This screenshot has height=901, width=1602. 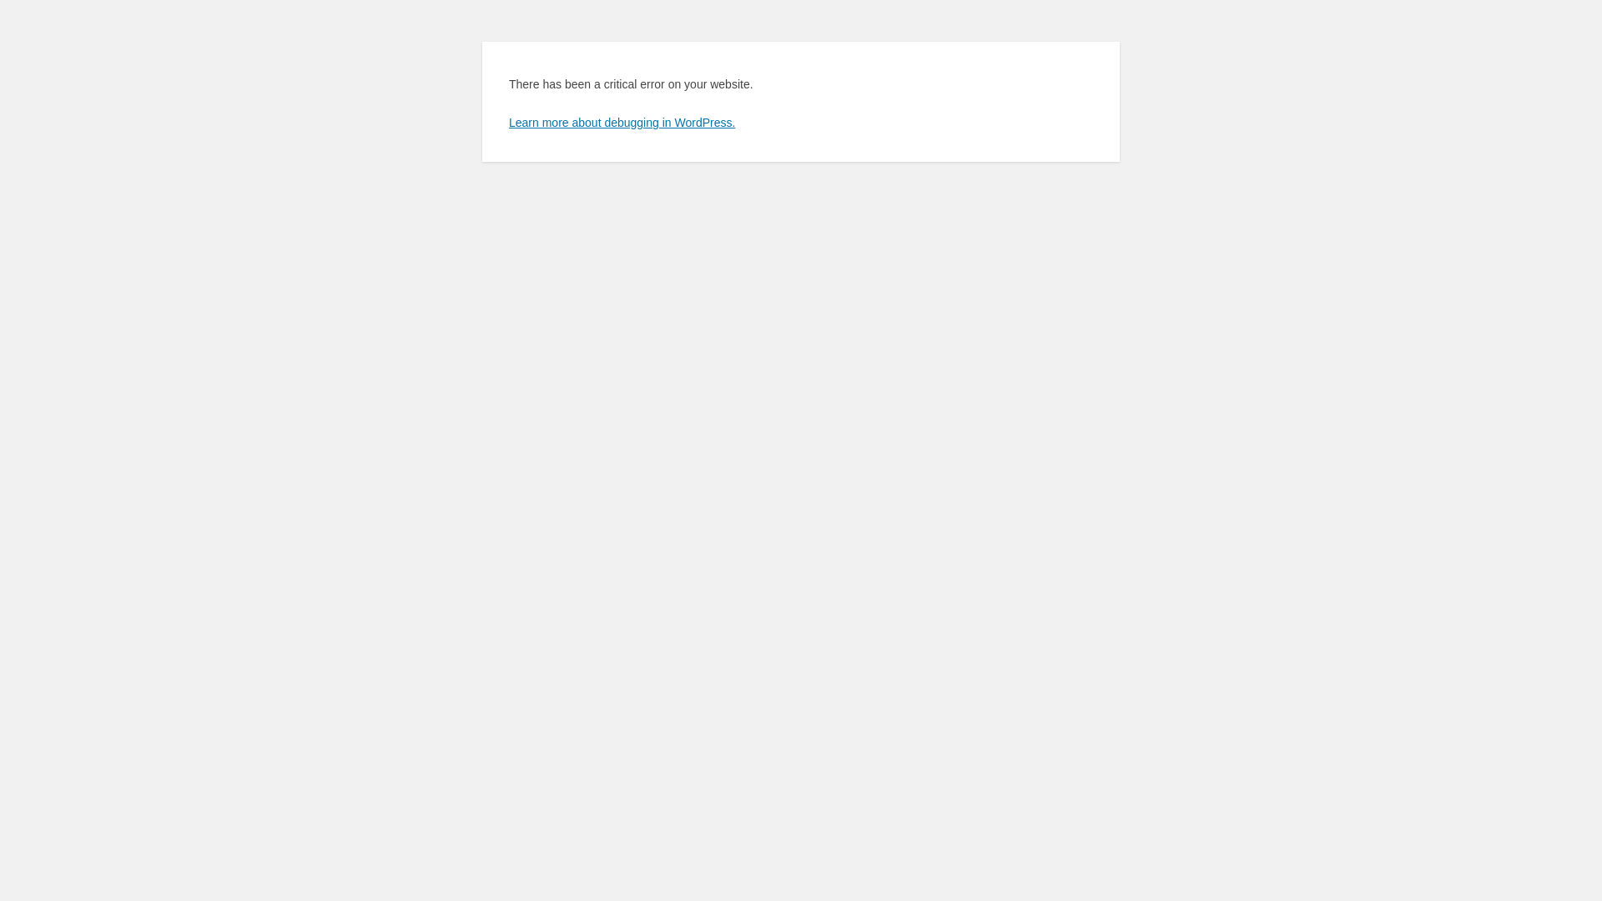 What do you see at coordinates (621, 121) in the screenshot?
I see `'Learn more about debugging in WordPress.'` at bounding box center [621, 121].